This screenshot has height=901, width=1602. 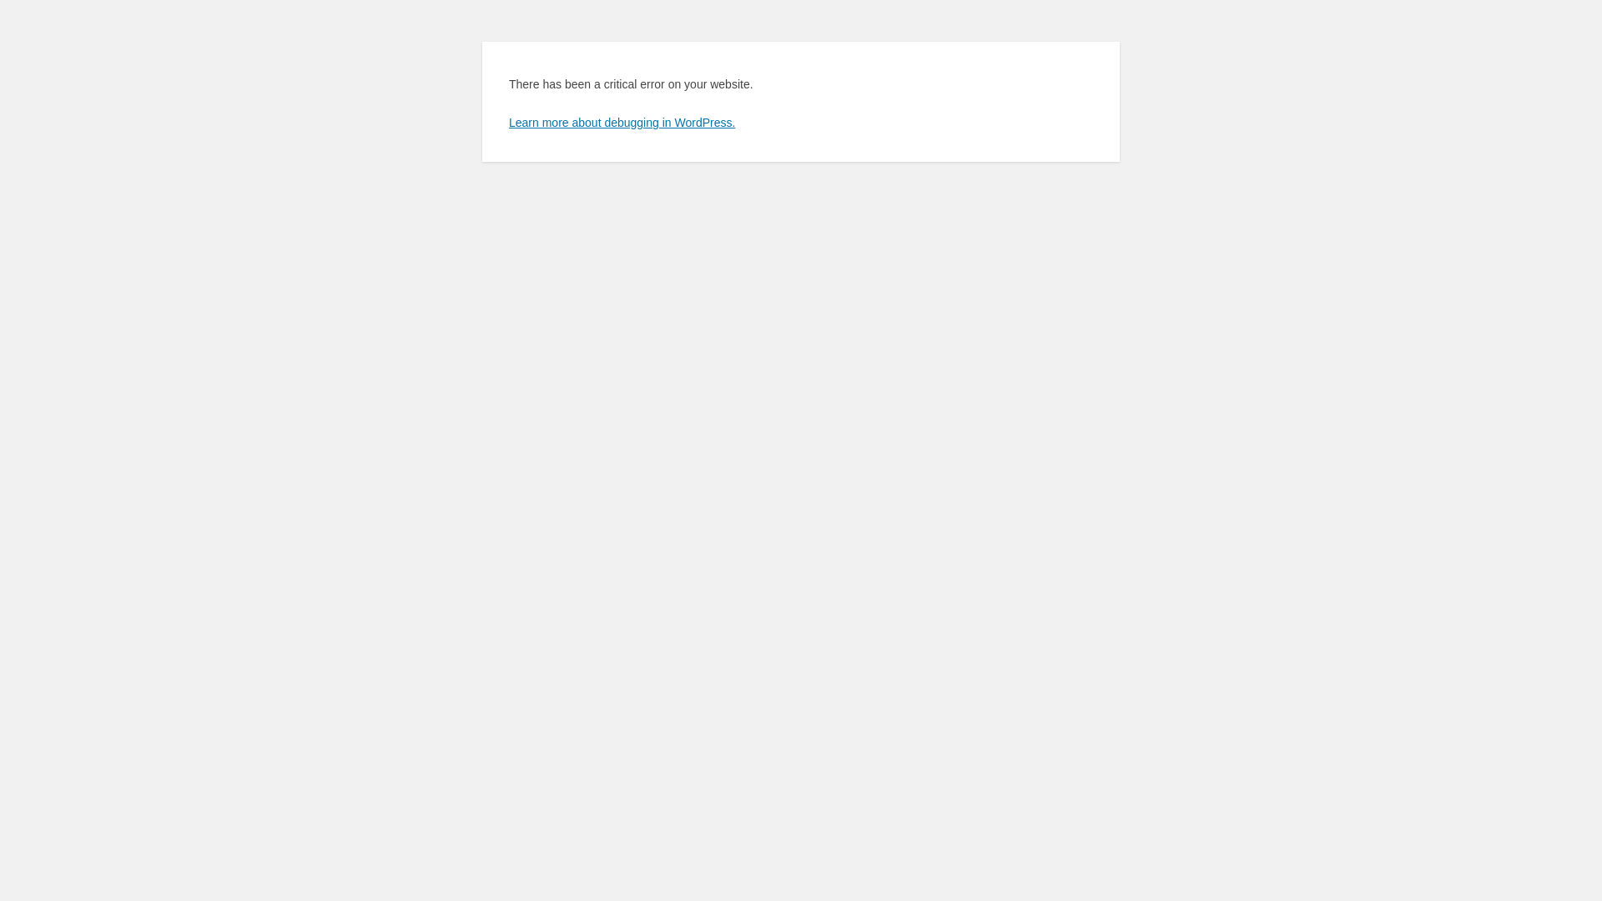 What do you see at coordinates (621, 121) in the screenshot?
I see `'Learn more about debugging in WordPress.'` at bounding box center [621, 121].